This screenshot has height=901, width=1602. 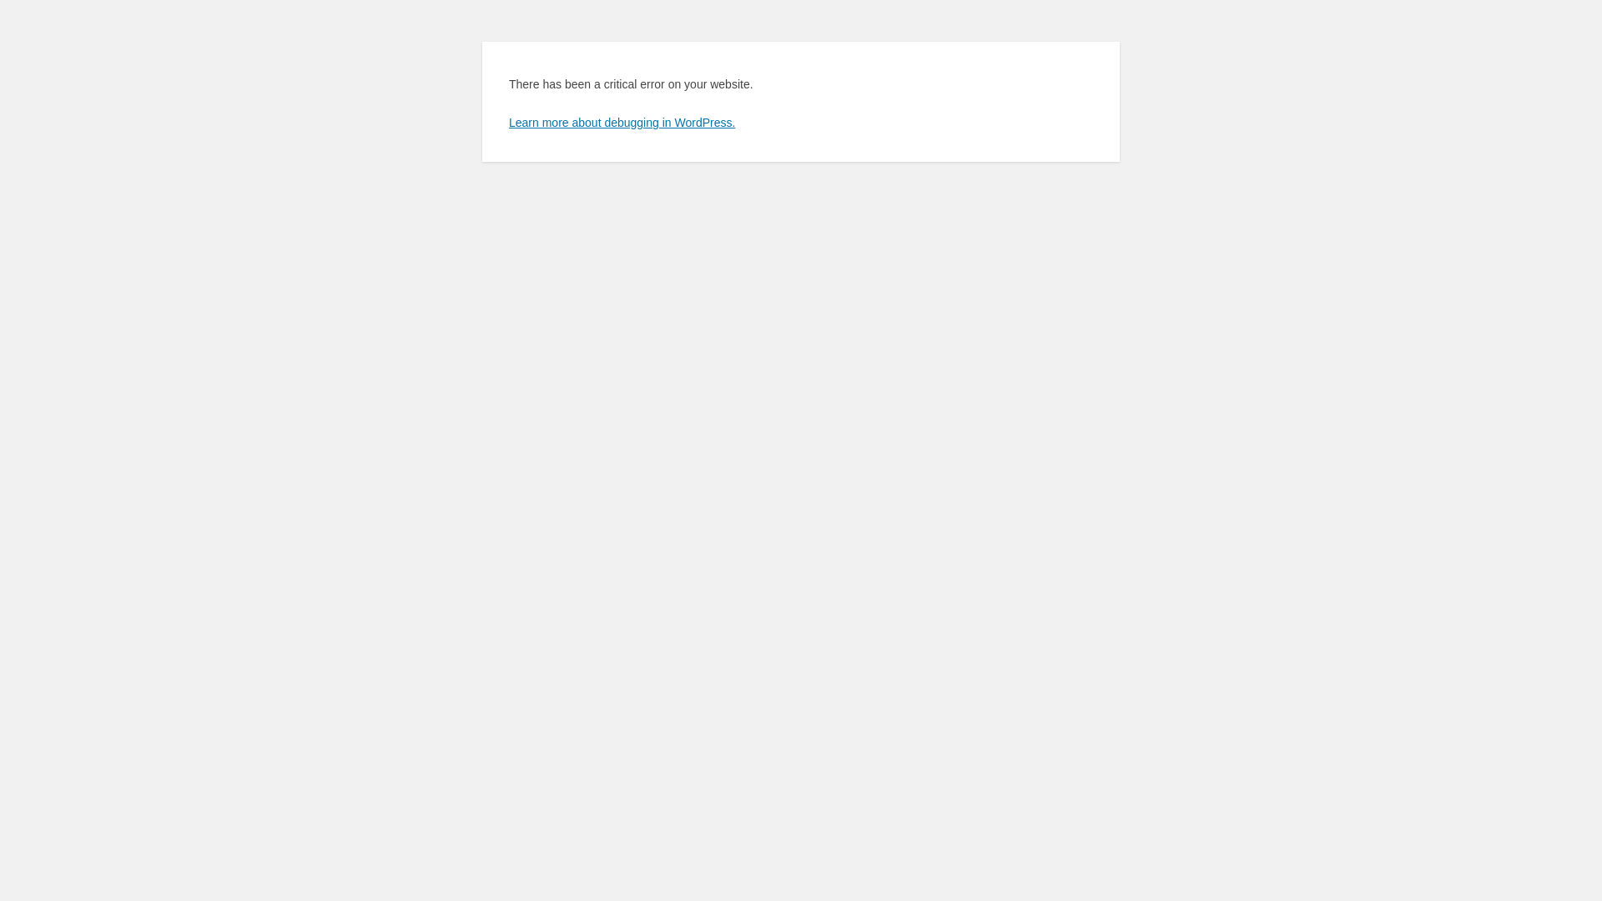 What do you see at coordinates (621, 121) in the screenshot?
I see `'Learn more about debugging in WordPress.'` at bounding box center [621, 121].